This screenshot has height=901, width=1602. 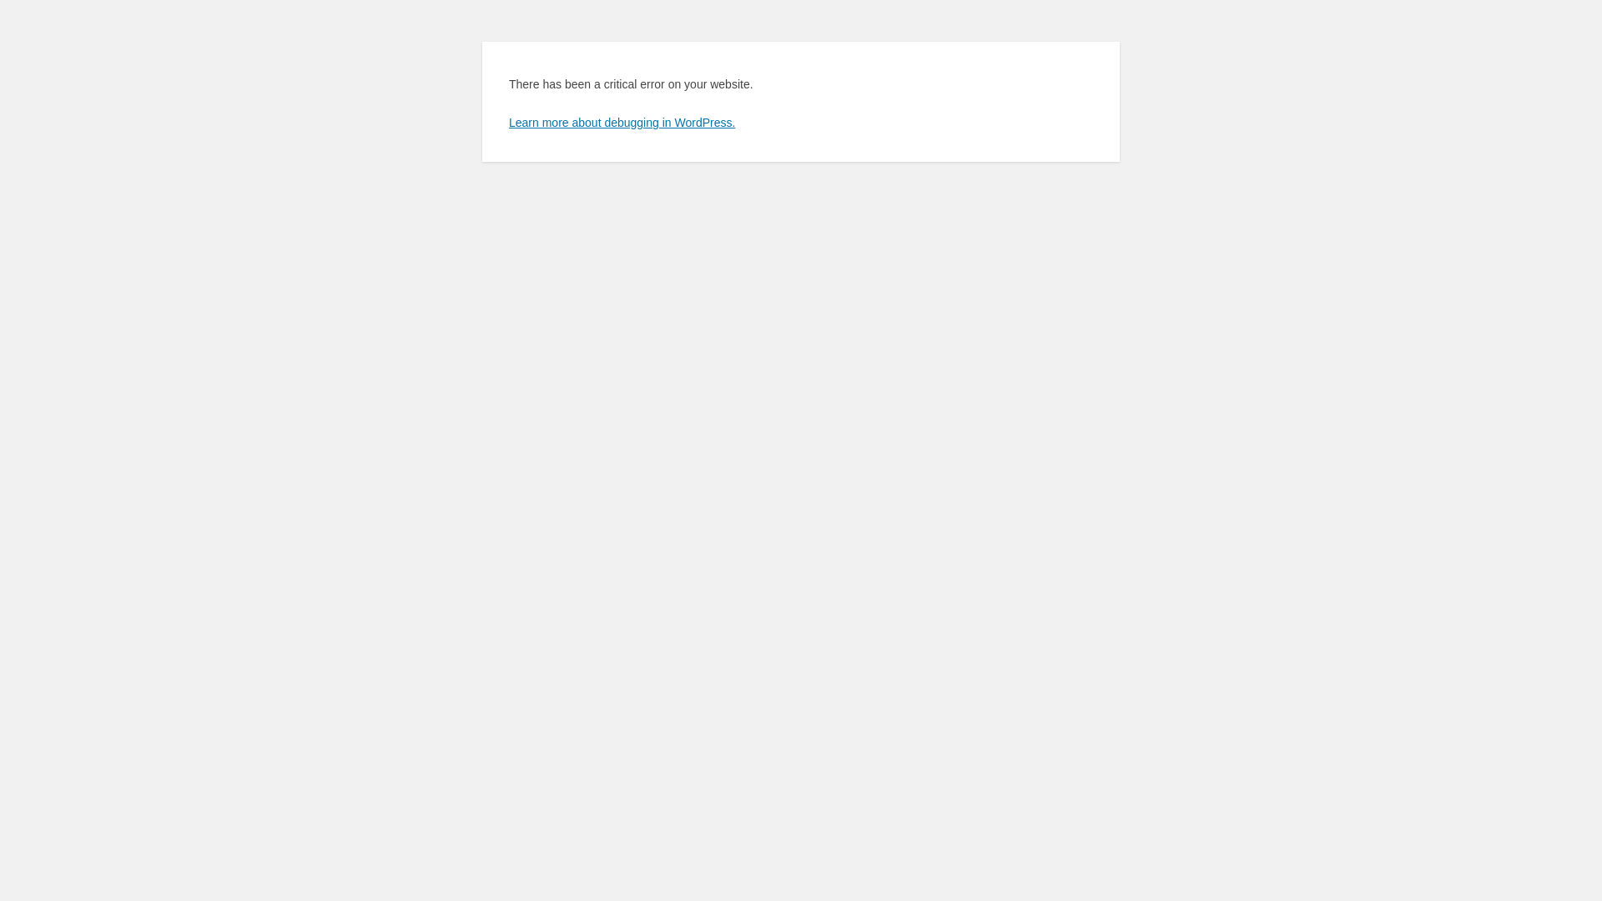 What do you see at coordinates (621, 121) in the screenshot?
I see `'Learn more about debugging in WordPress.'` at bounding box center [621, 121].